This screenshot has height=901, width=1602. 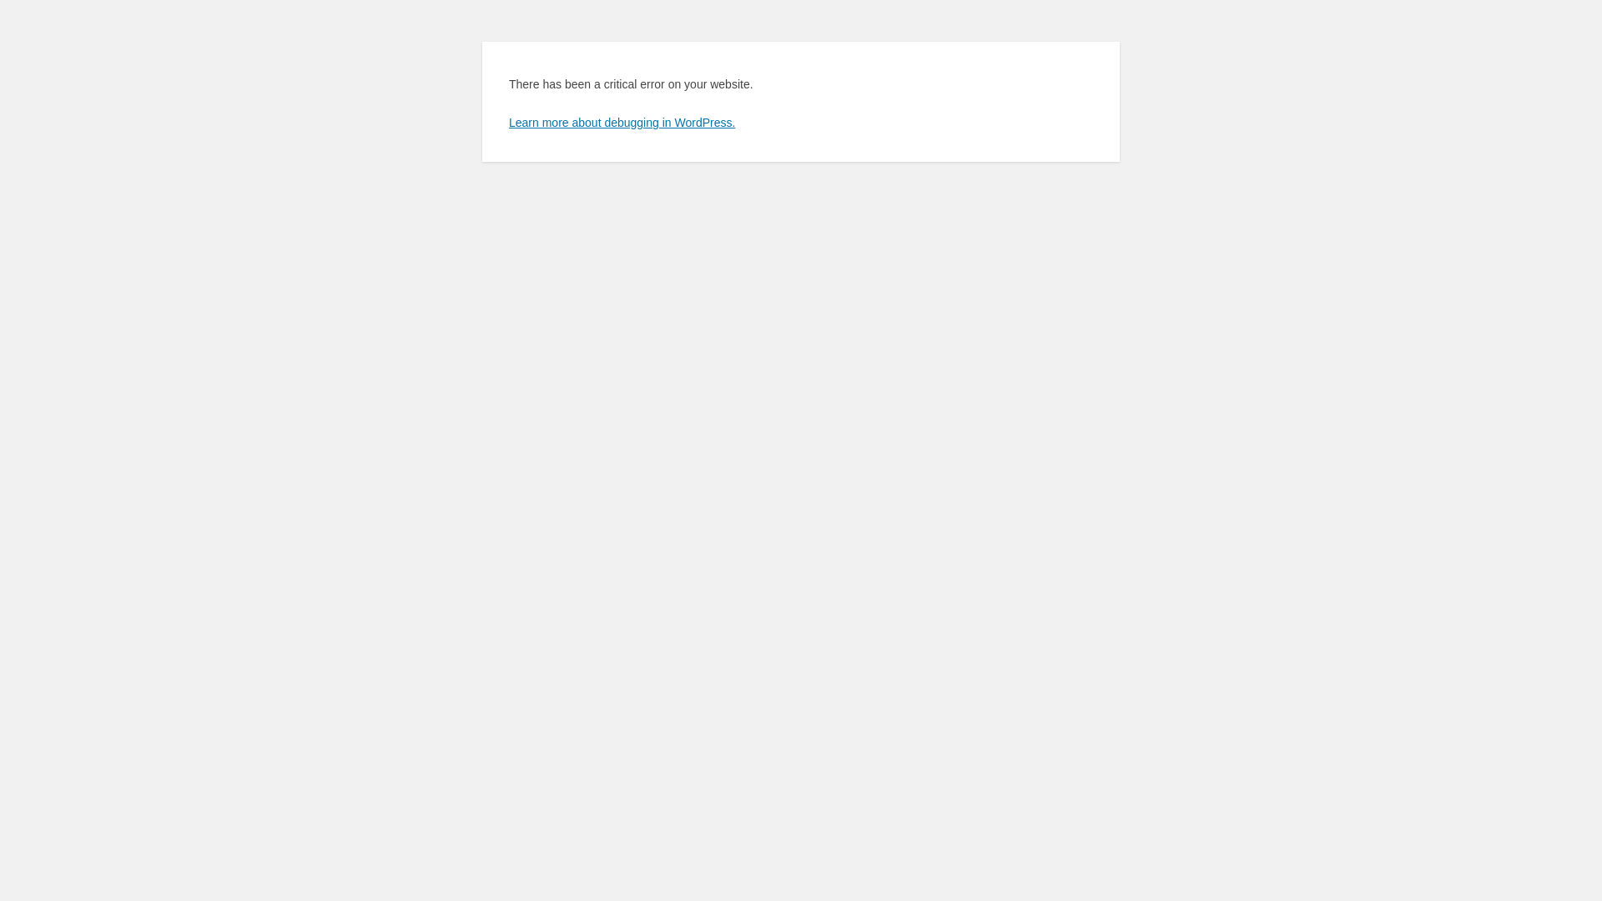 What do you see at coordinates (621, 121) in the screenshot?
I see `'Learn more about debugging in WordPress.'` at bounding box center [621, 121].